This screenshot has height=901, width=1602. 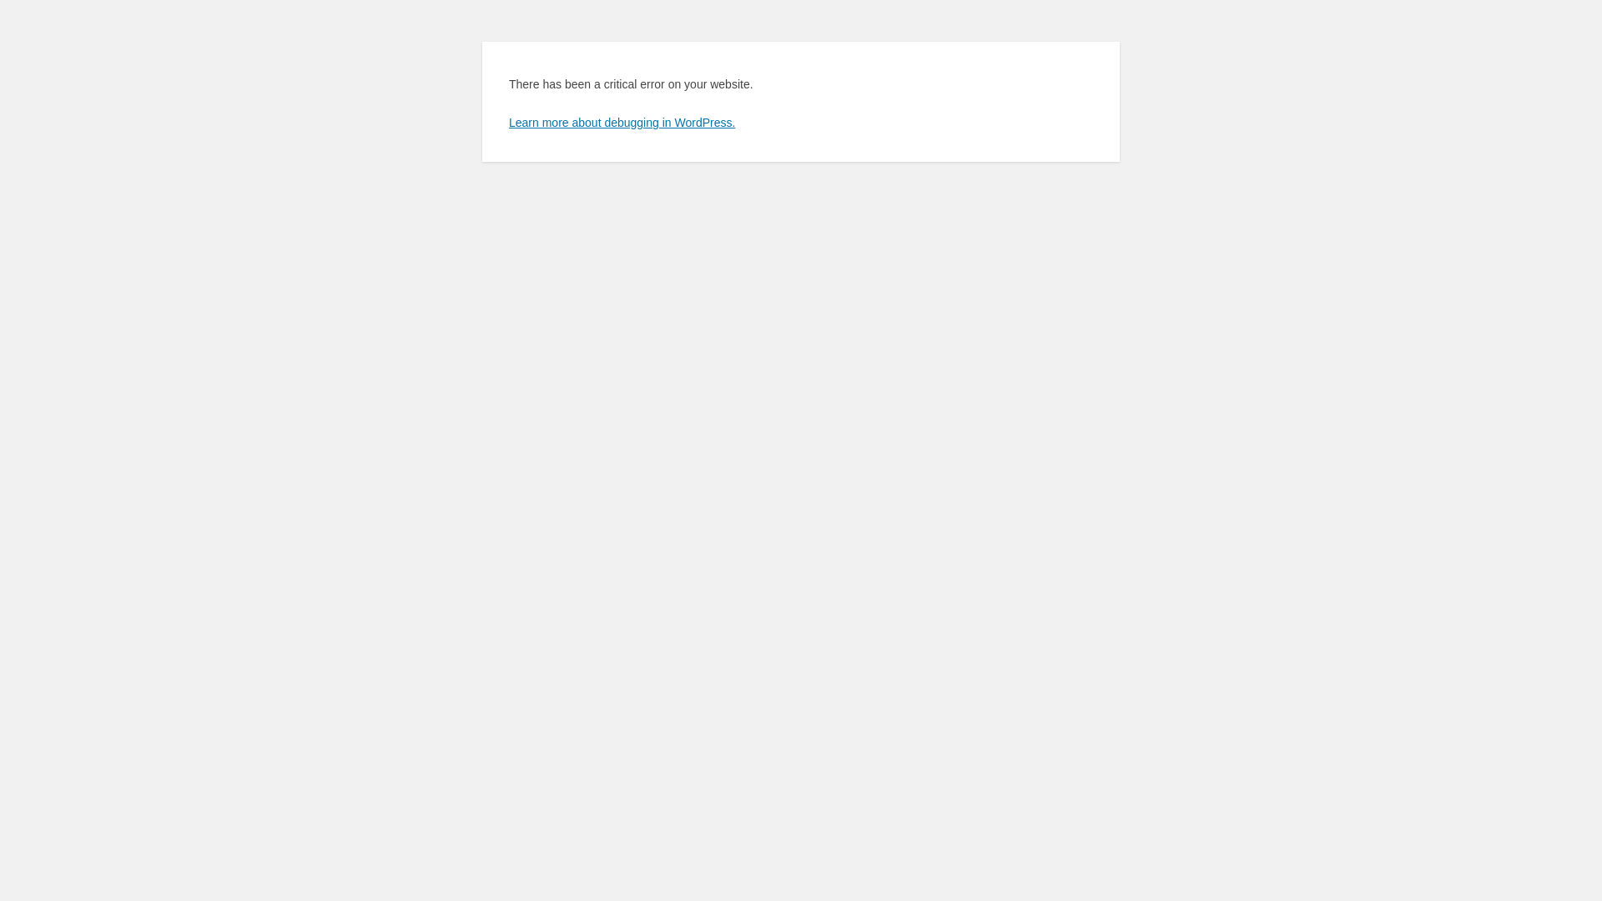 What do you see at coordinates (621, 121) in the screenshot?
I see `'Learn more about debugging in WordPress.'` at bounding box center [621, 121].